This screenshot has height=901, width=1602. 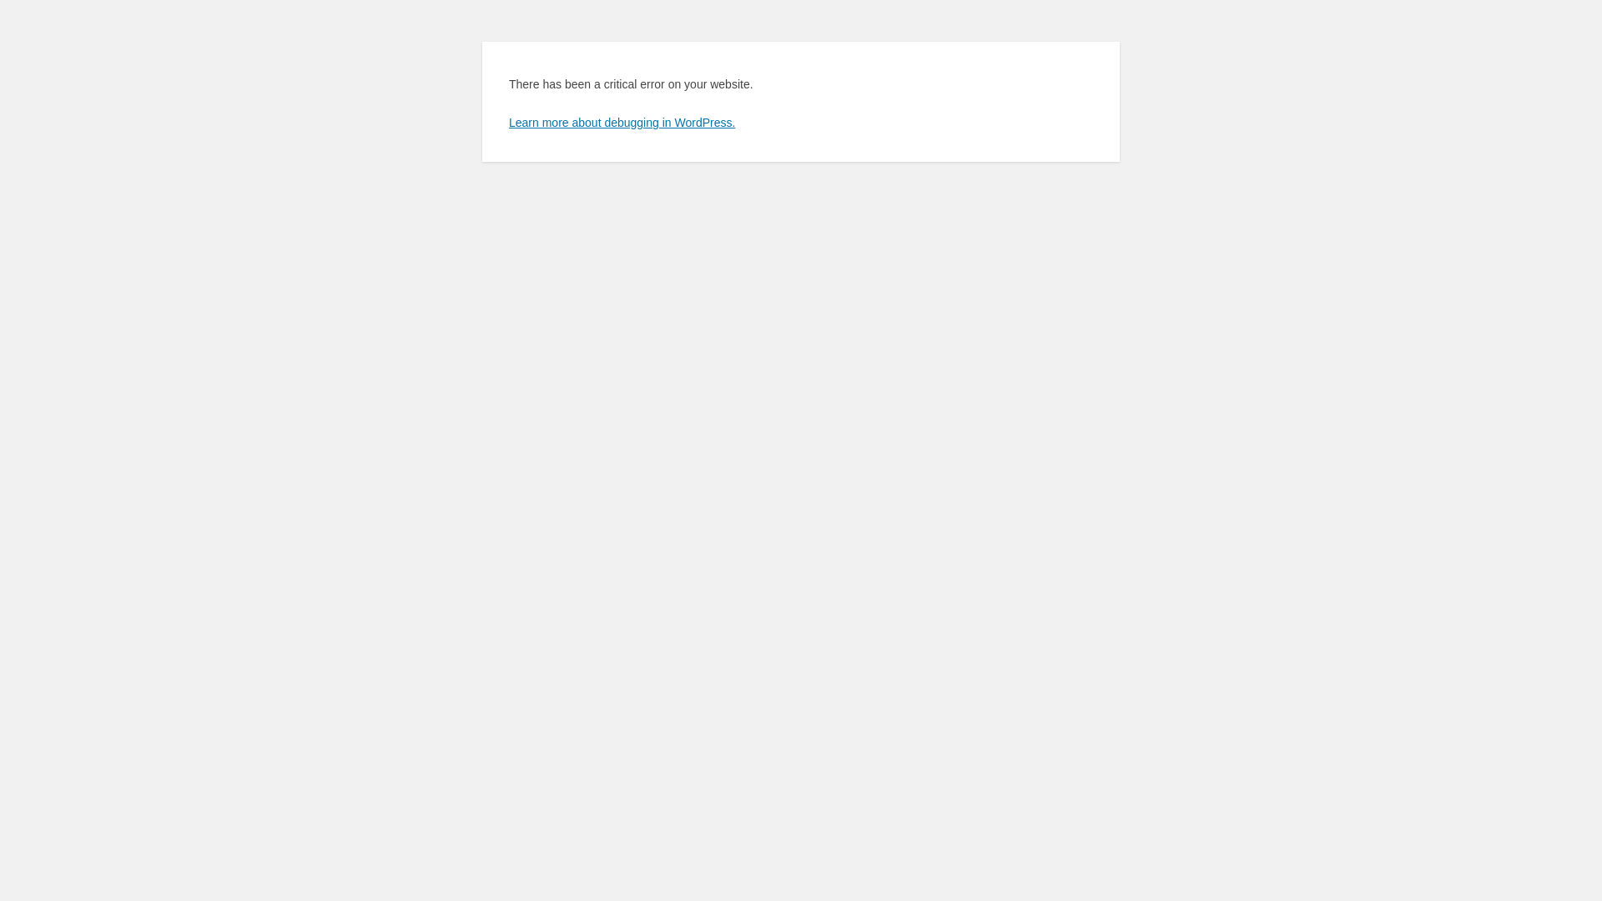 What do you see at coordinates (621, 121) in the screenshot?
I see `'Learn more about debugging in WordPress.'` at bounding box center [621, 121].